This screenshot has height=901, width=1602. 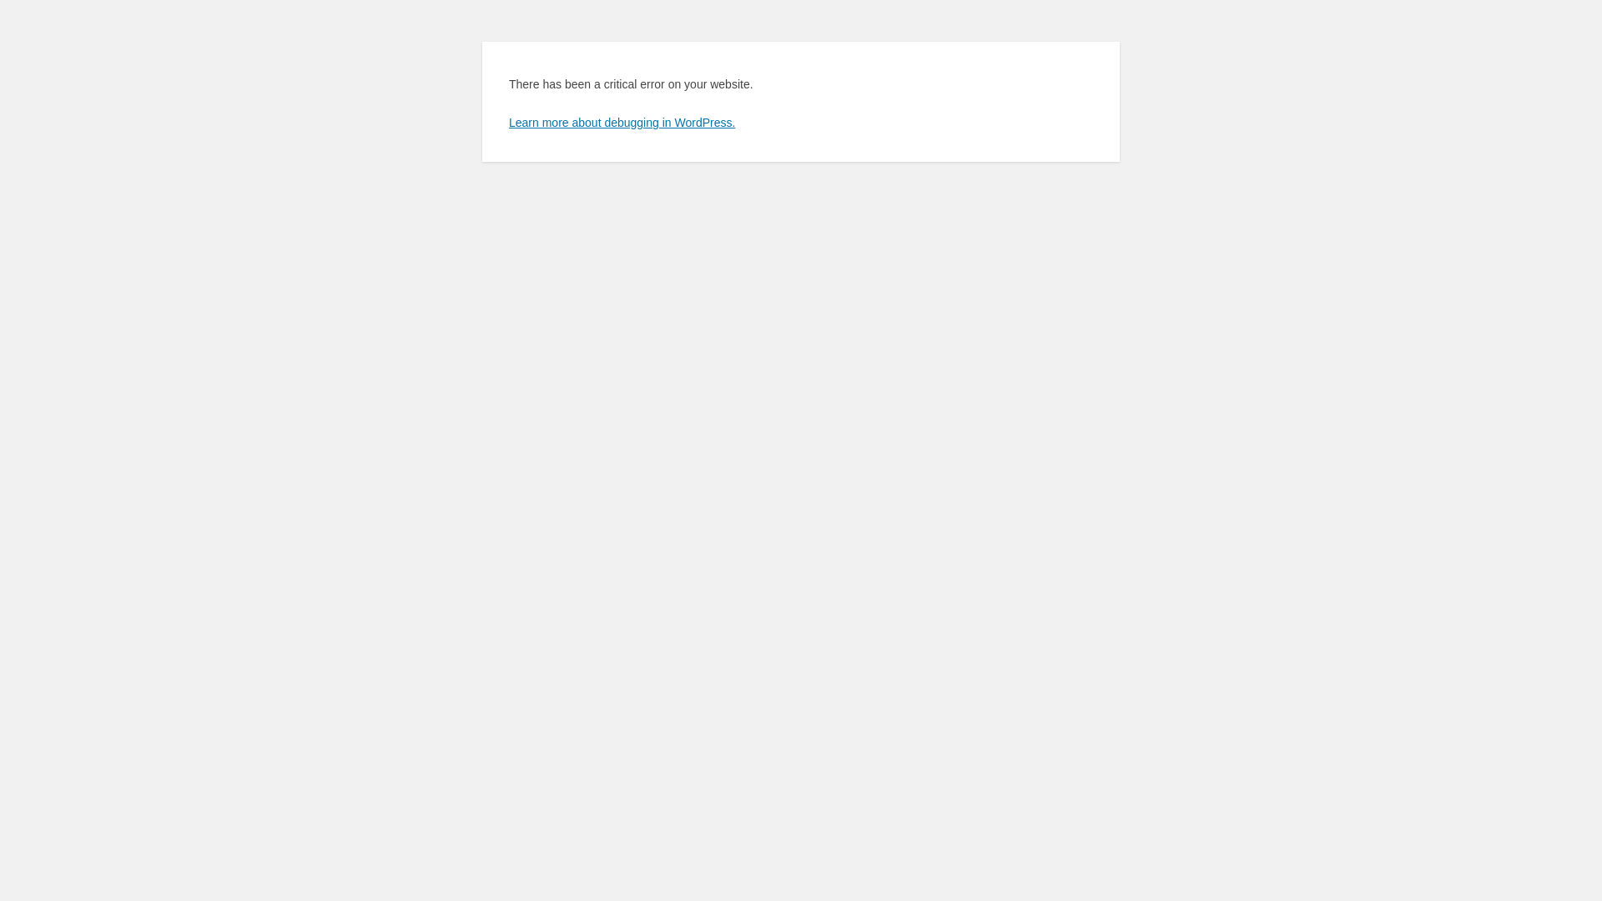 What do you see at coordinates (621, 121) in the screenshot?
I see `'Learn more about debugging in WordPress.'` at bounding box center [621, 121].